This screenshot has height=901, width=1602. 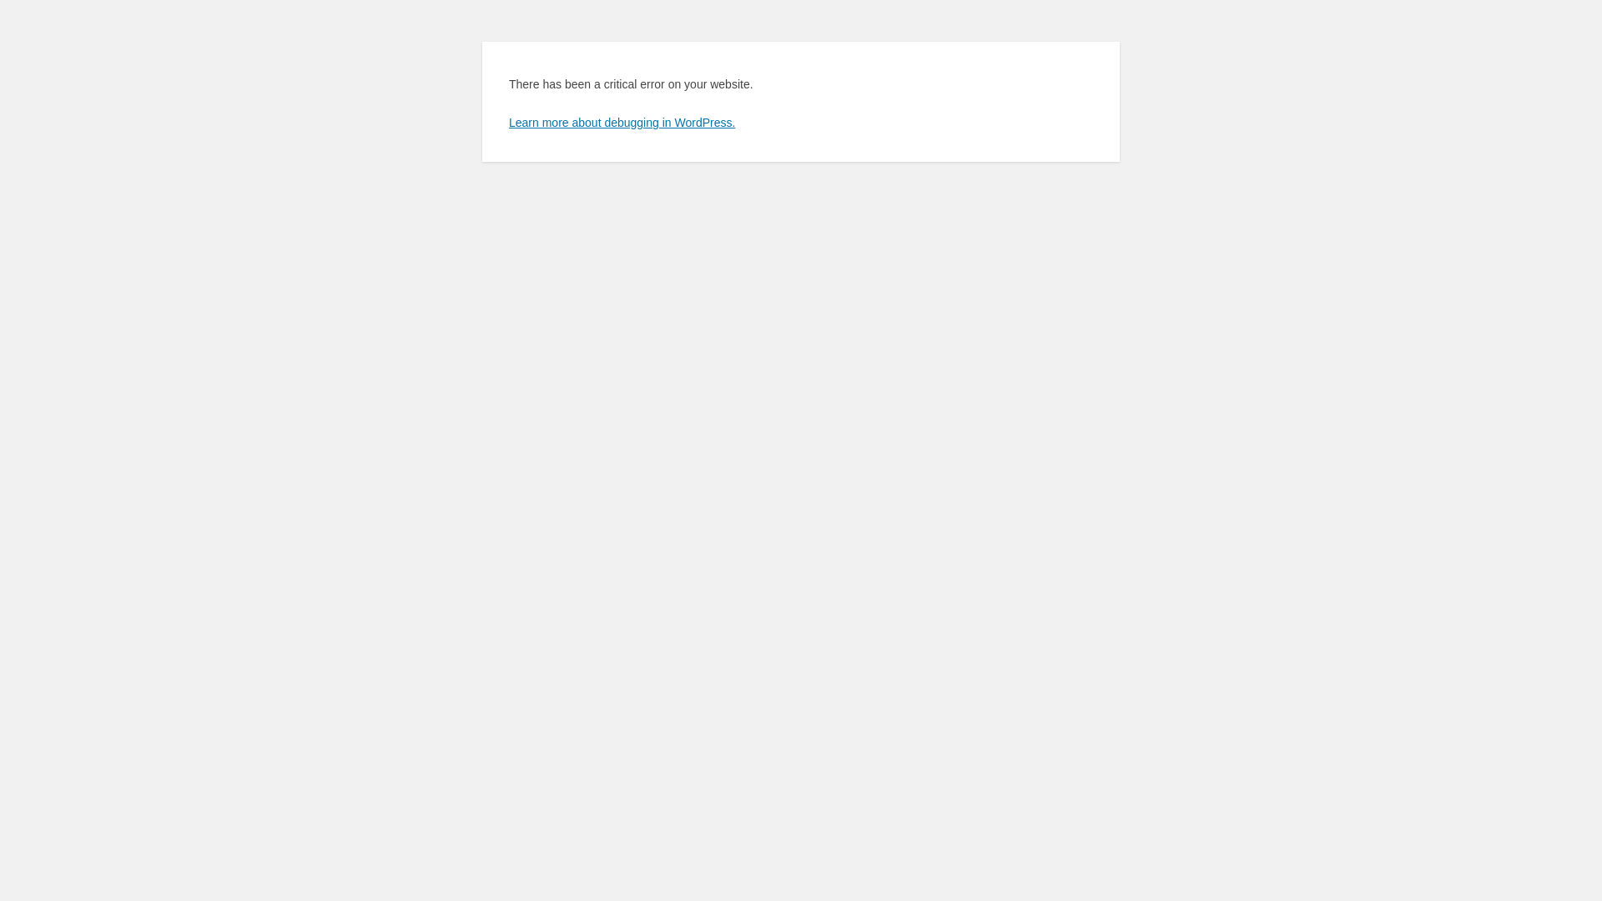 What do you see at coordinates (621, 121) in the screenshot?
I see `'Learn more about debugging in WordPress.'` at bounding box center [621, 121].